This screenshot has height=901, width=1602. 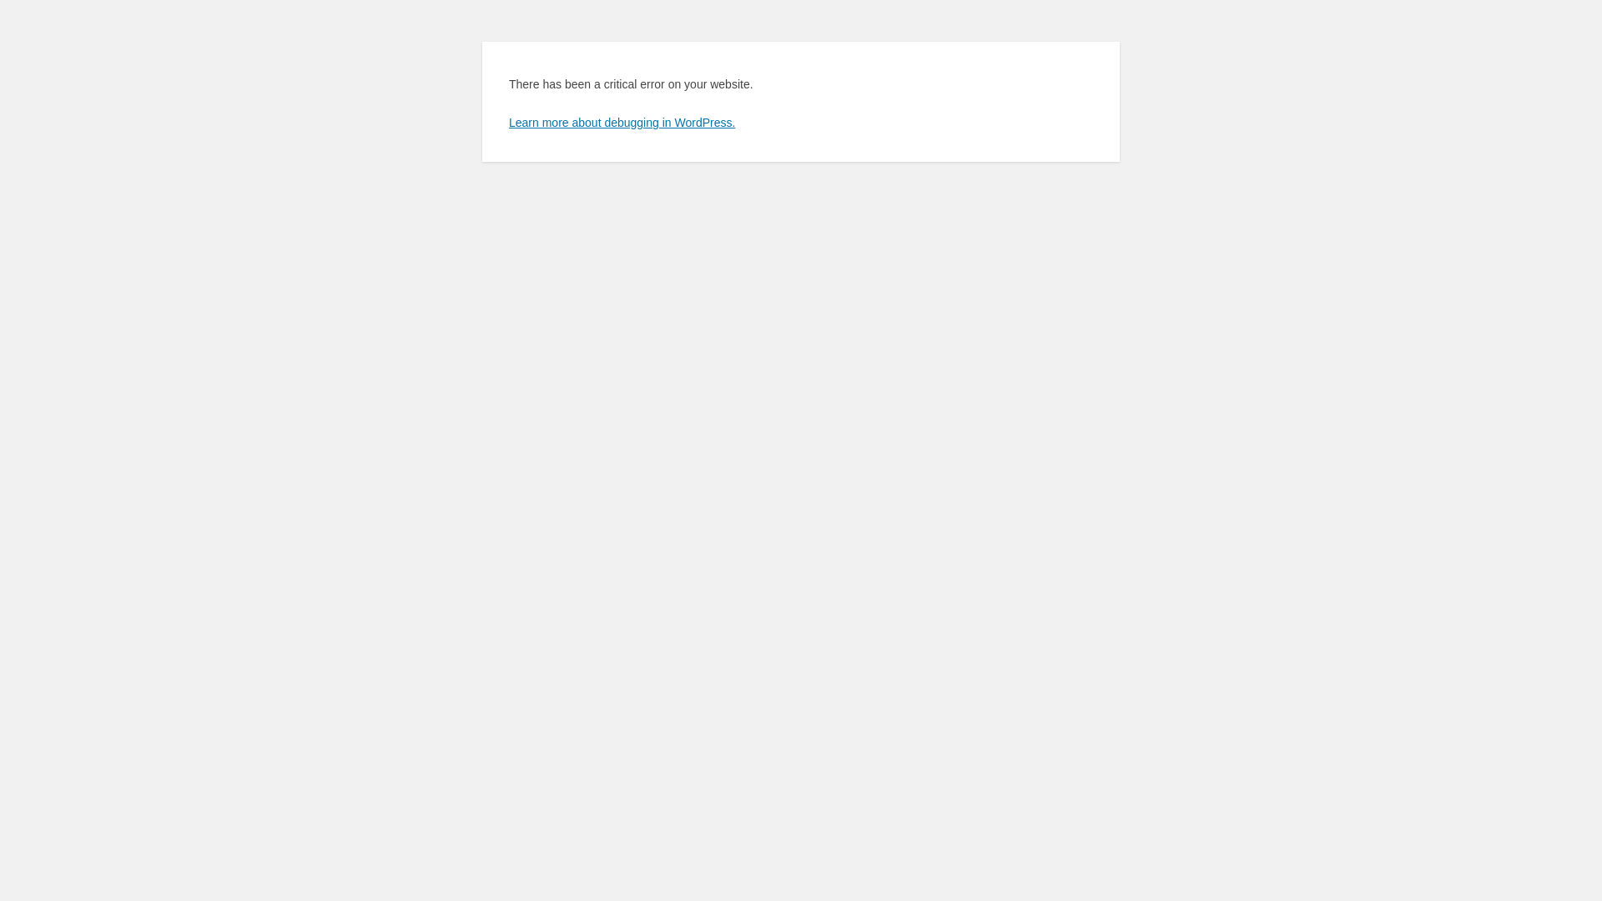 What do you see at coordinates (621, 121) in the screenshot?
I see `'Learn more about debugging in WordPress.'` at bounding box center [621, 121].